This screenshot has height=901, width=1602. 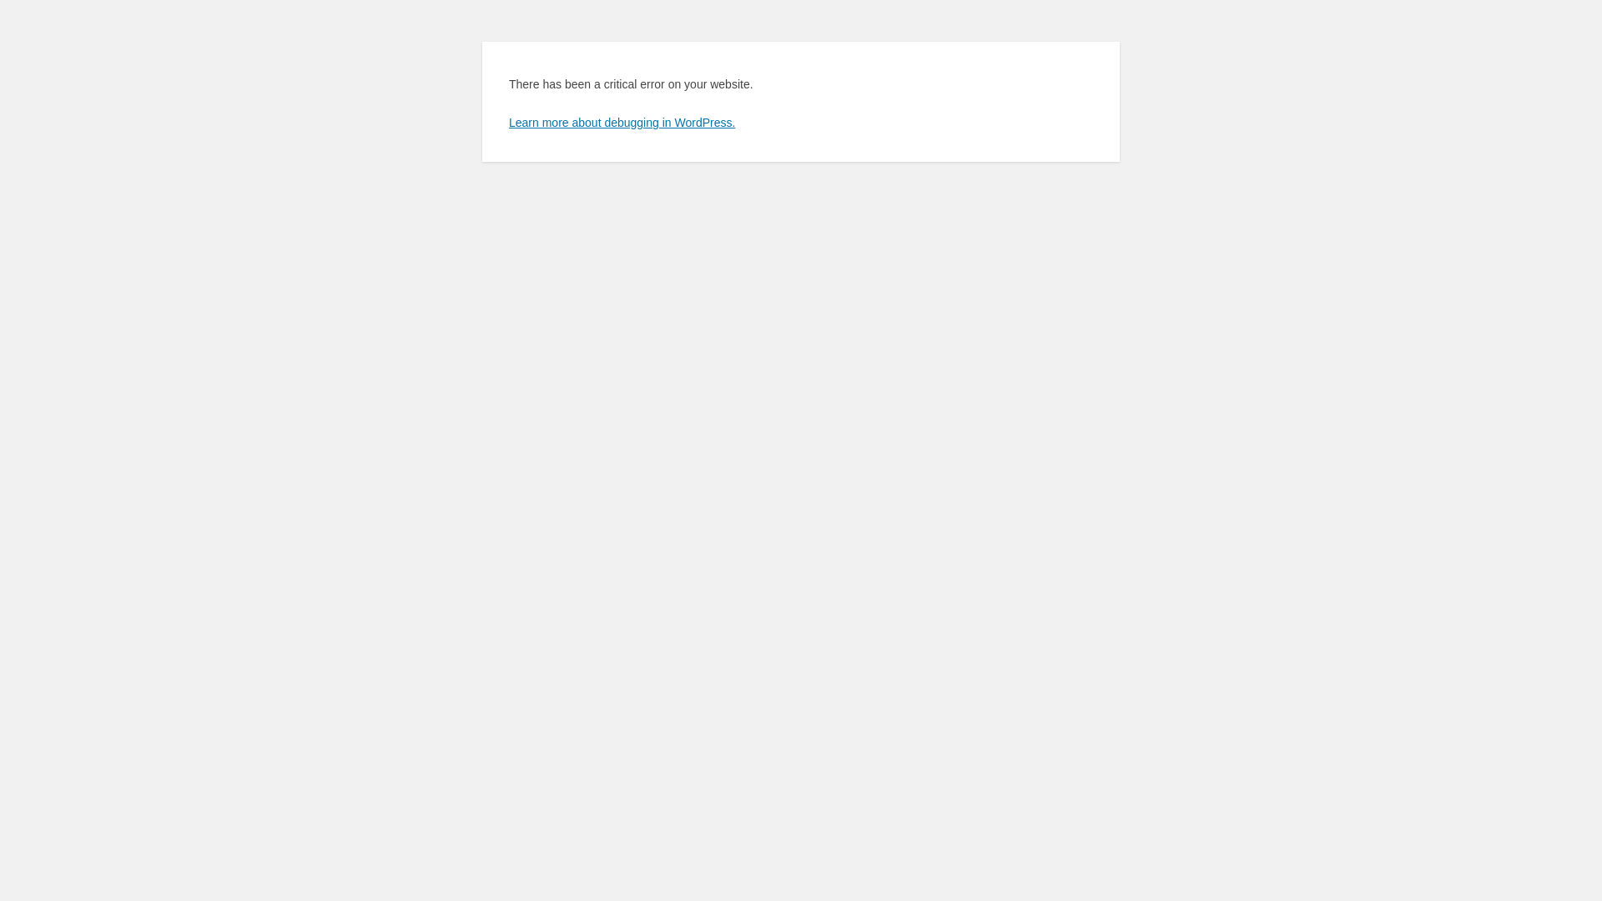 What do you see at coordinates (621, 121) in the screenshot?
I see `'Learn more about debugging in WordPress.'` at bounding box center [621, 121].